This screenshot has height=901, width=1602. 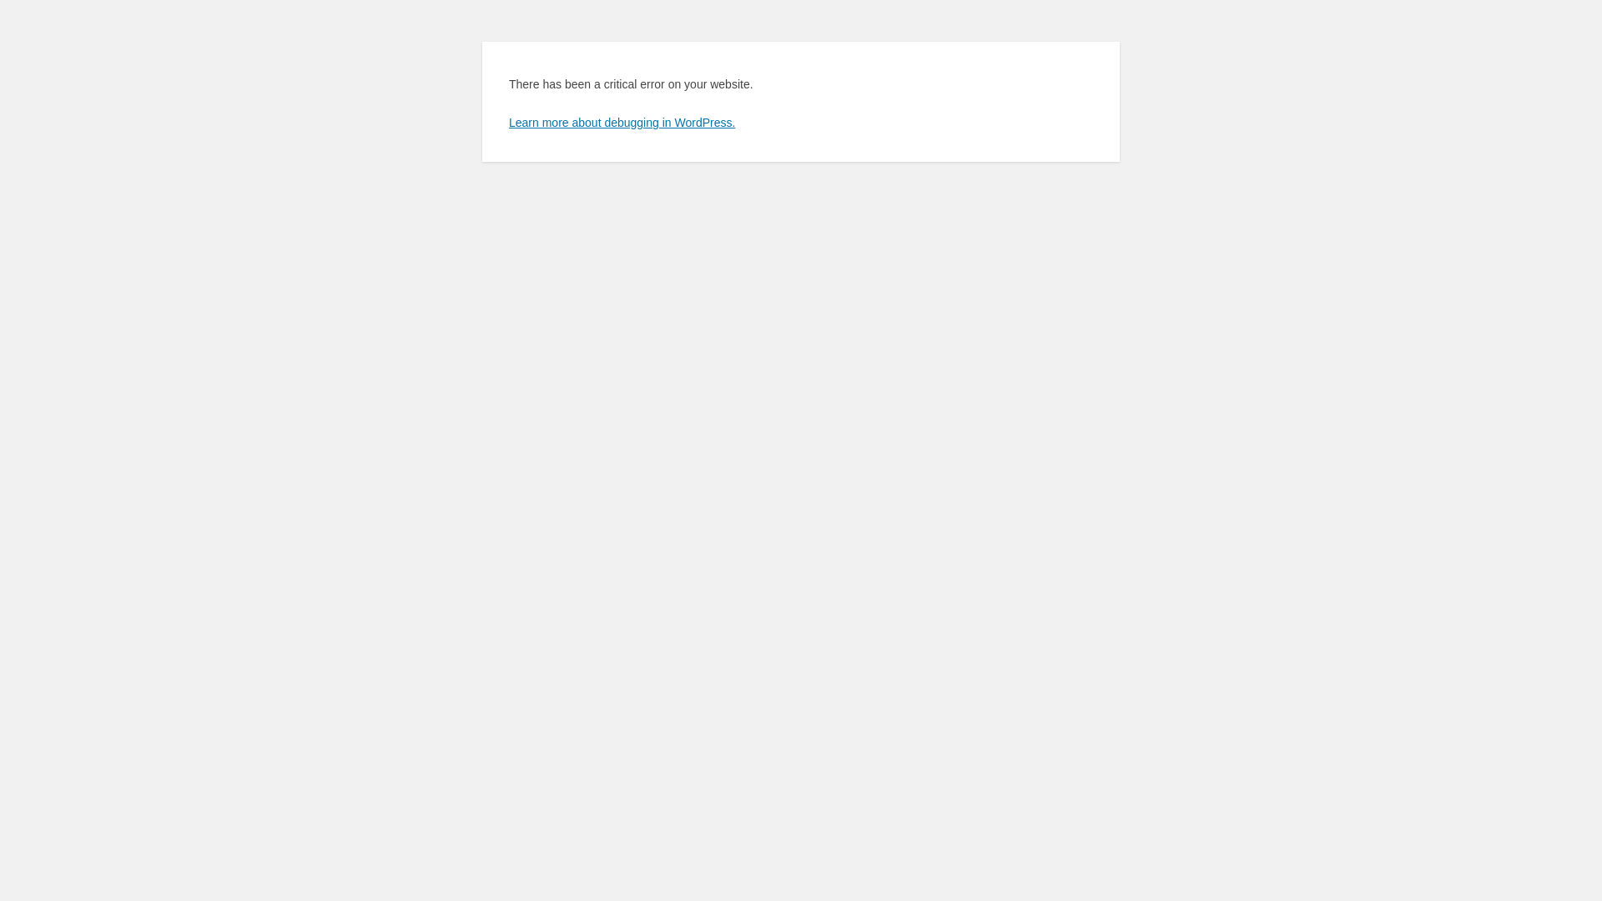 What do you see at coordinates (621, 121) in the screenshot?
I see `'Learn more about debugging in WordPress.'` at bounding box center [621, 121].